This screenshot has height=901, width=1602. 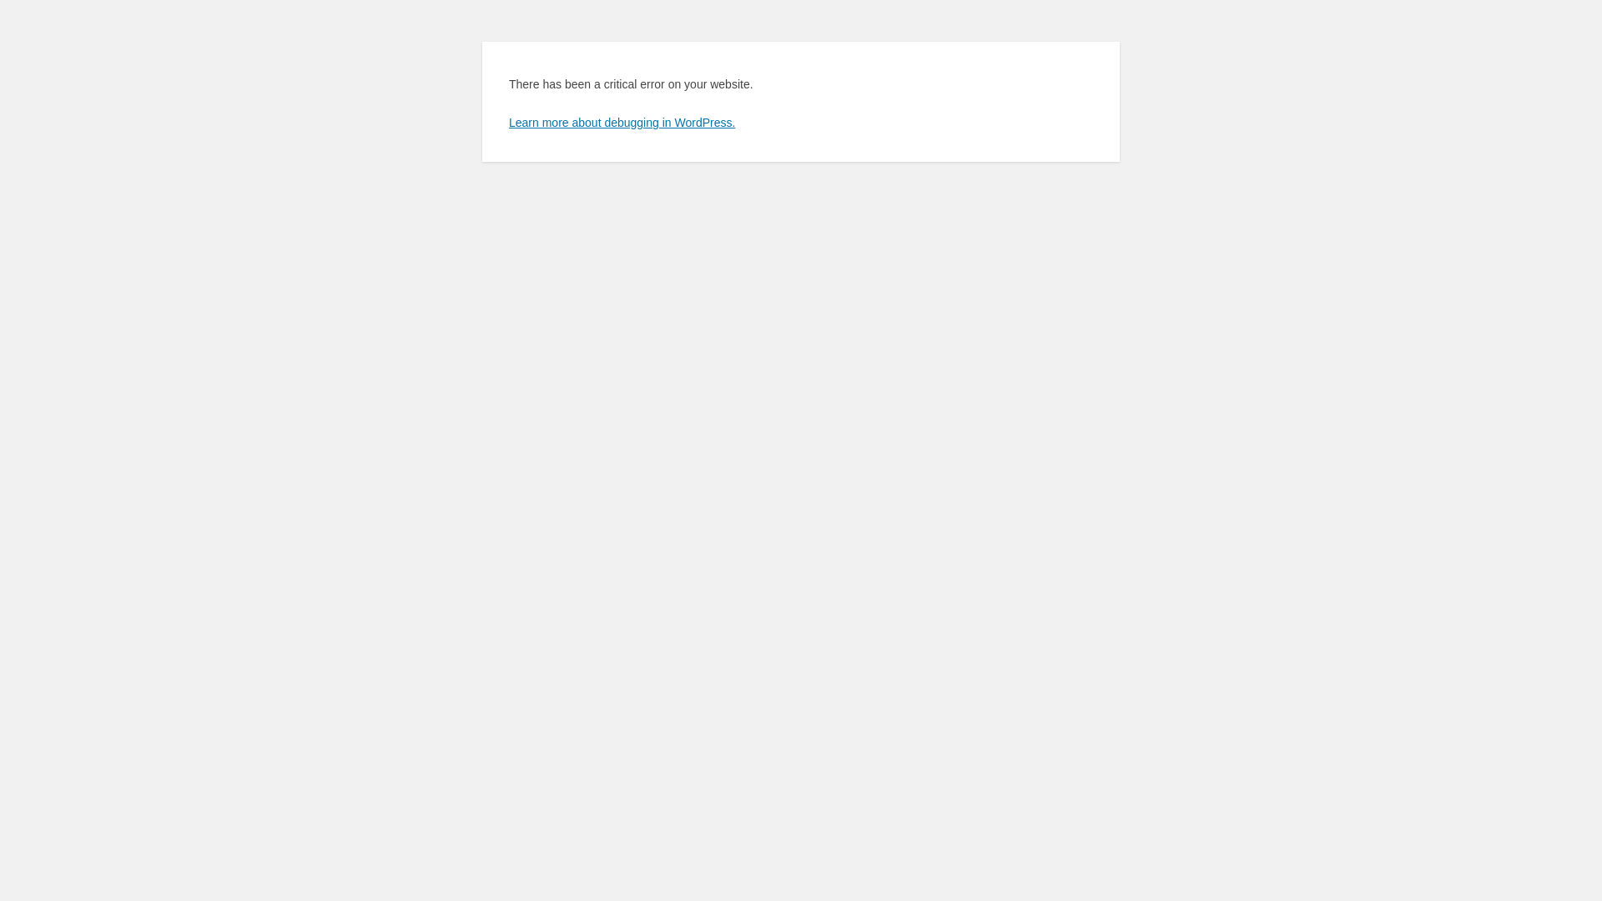 What do you see at coordinates (621, 121) in the screenshot?
I see `'Learn more about debugging in WordPress.'` at bounding box center [621, 121].